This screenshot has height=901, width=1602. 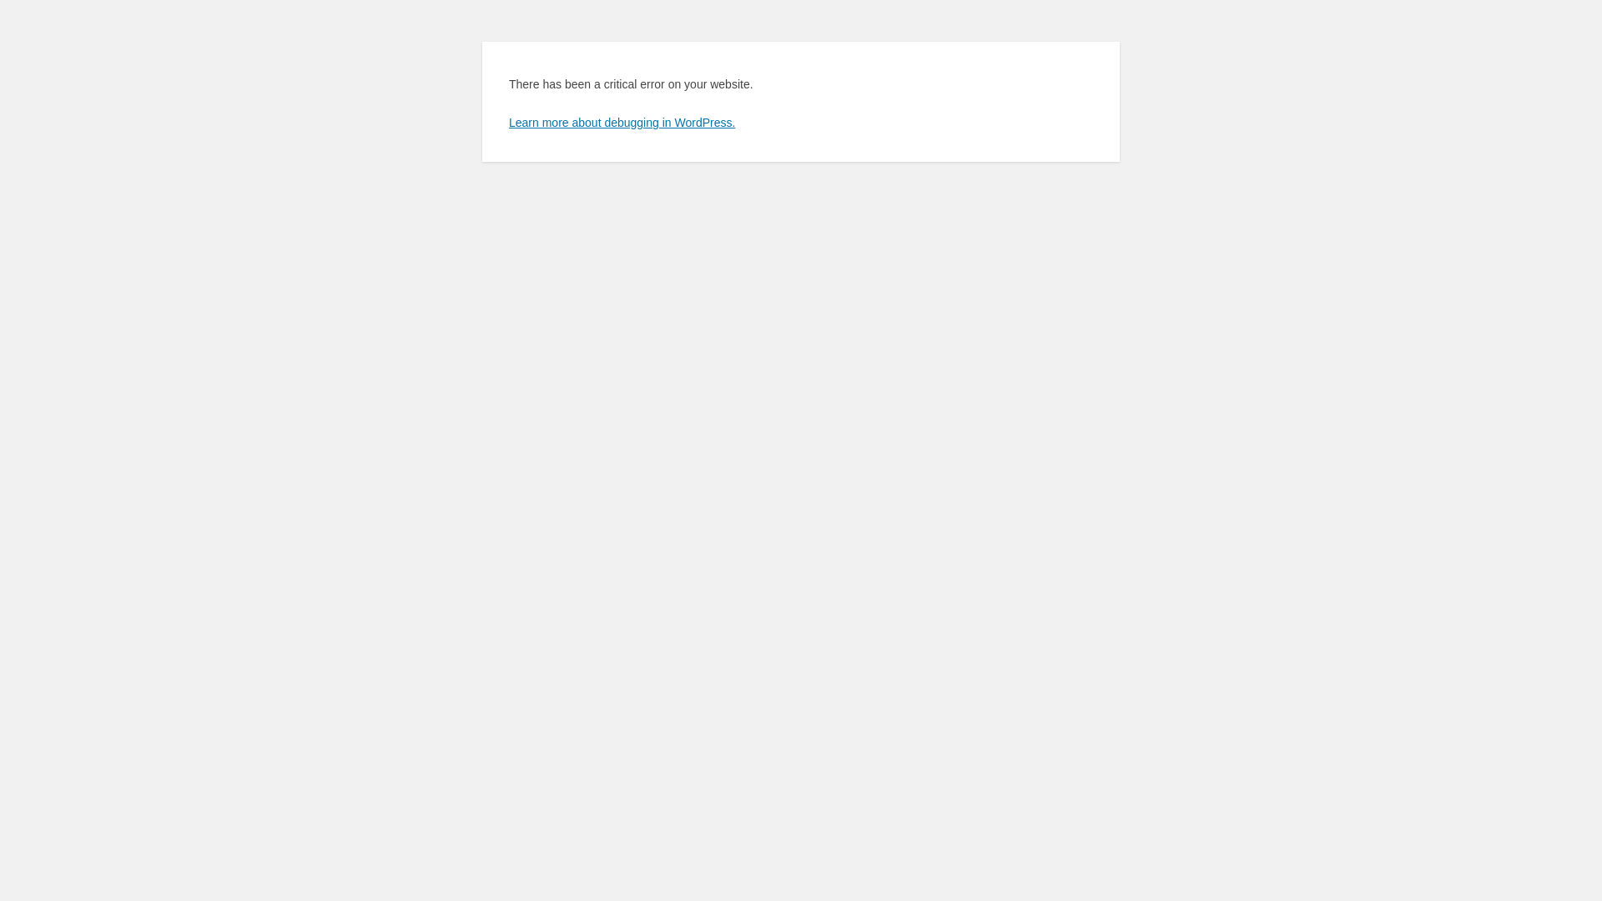 What do you see at coordinates (621, 121) in the screenshot?
I see `'Learn more about debugging in WordPress.'` at bounding box center [621, 121].